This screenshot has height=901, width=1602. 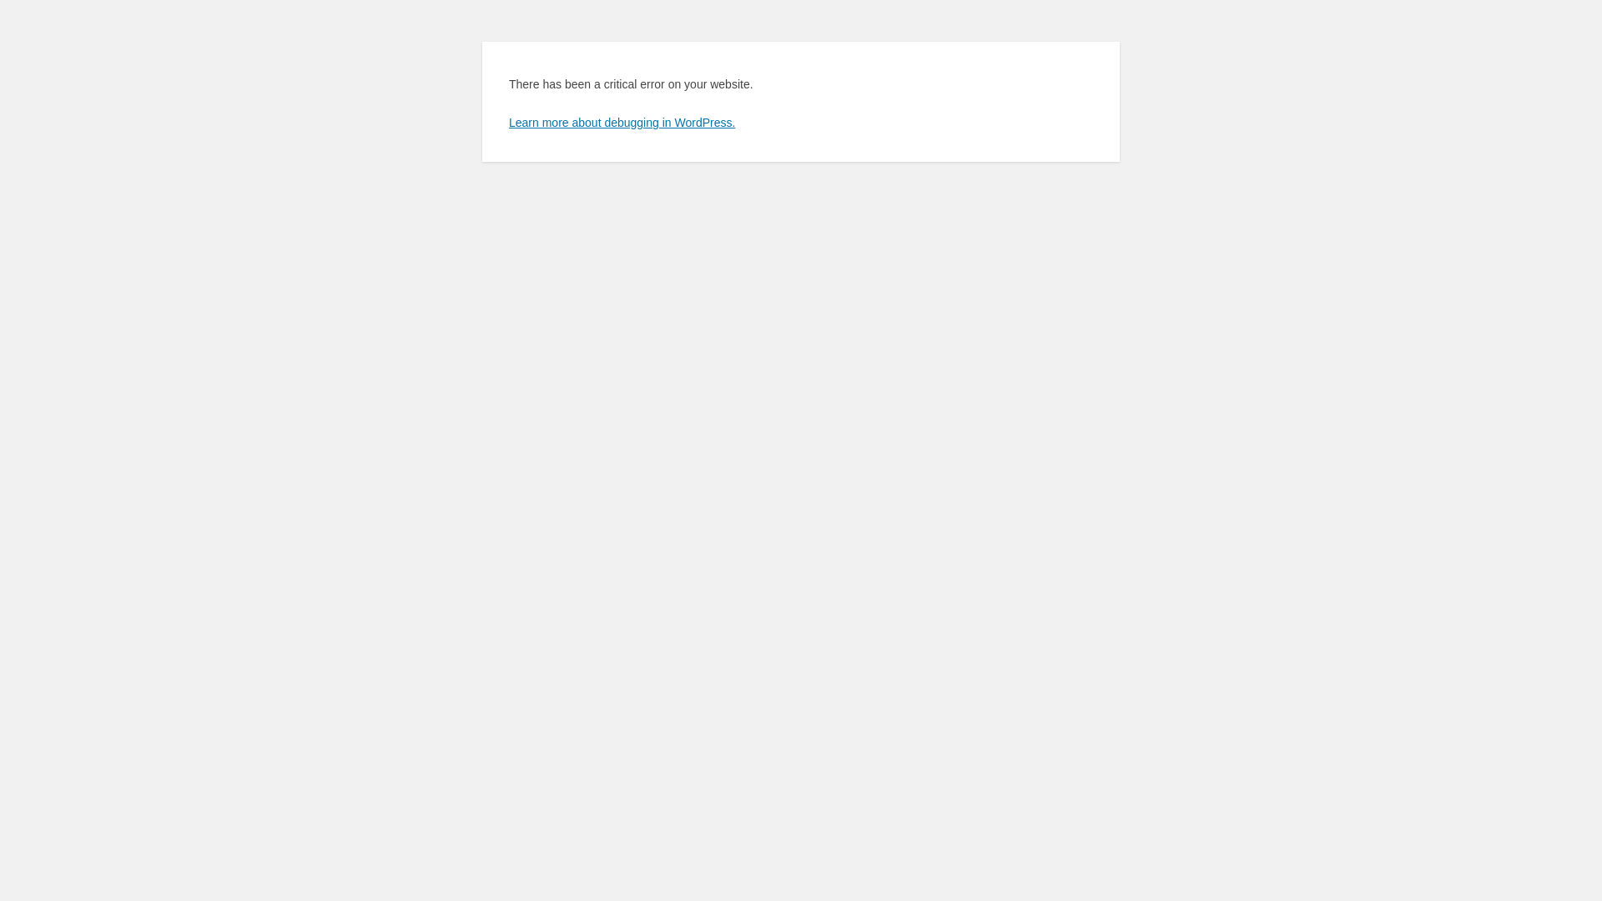 What do you see at coordinates (621, 121) in the screenshot?
I see `'Learn more about debugging in WordPress.'` at bounding box center [621, 121].